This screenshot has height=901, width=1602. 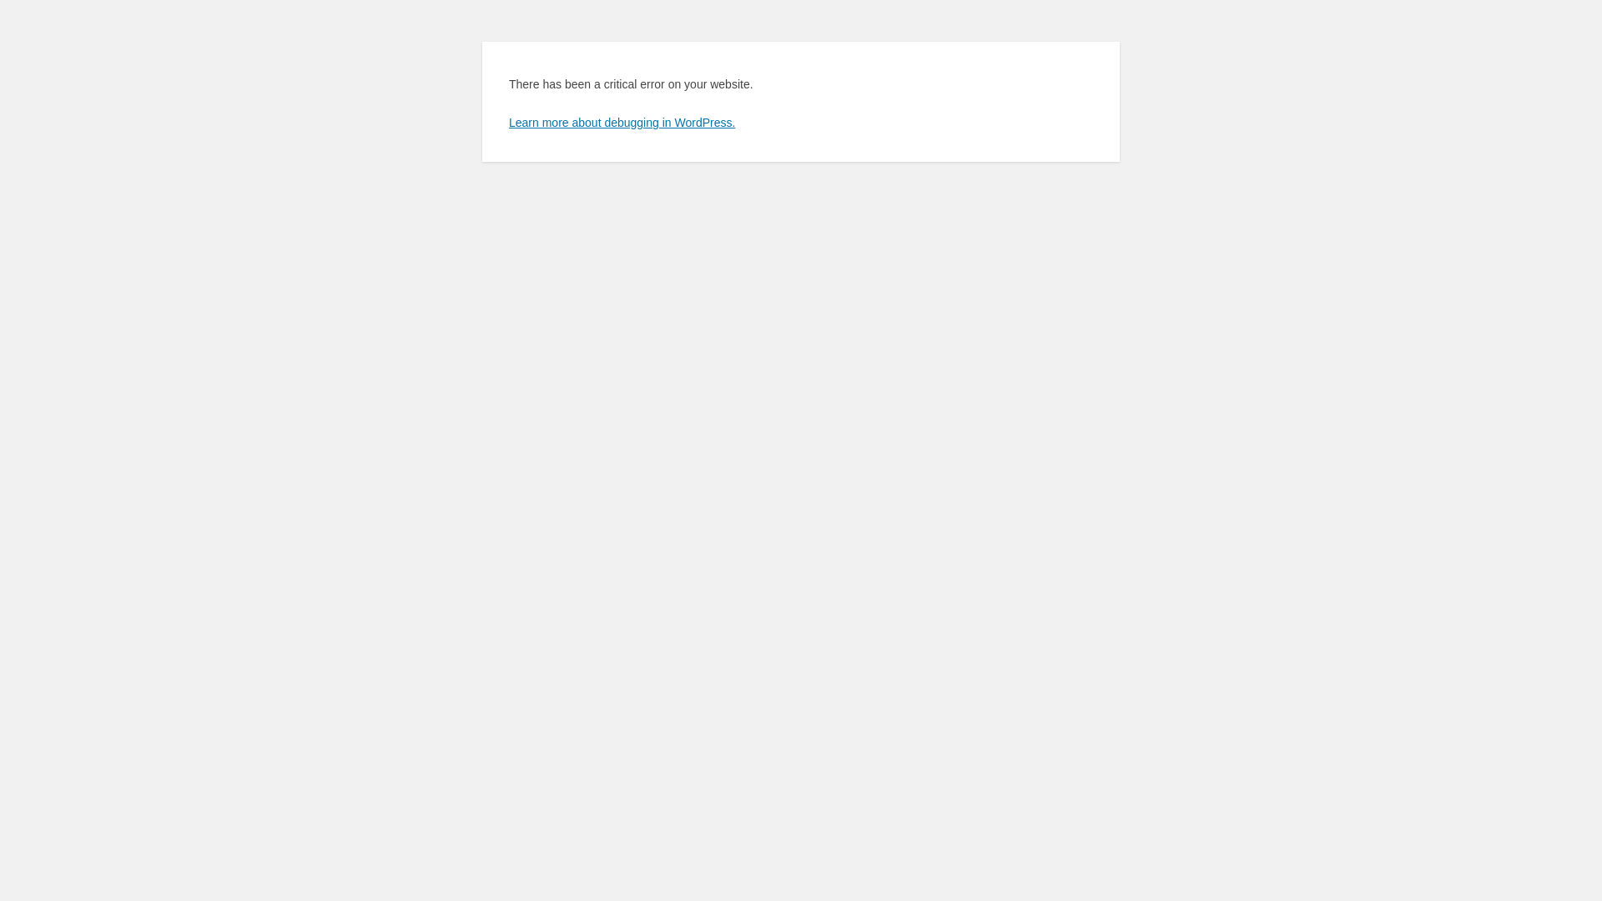 What do you see at coordinates (621, 121) in the screenshot?
I see `'Learn more about debugging in WordPress.'` at bounding box center [621, 121].